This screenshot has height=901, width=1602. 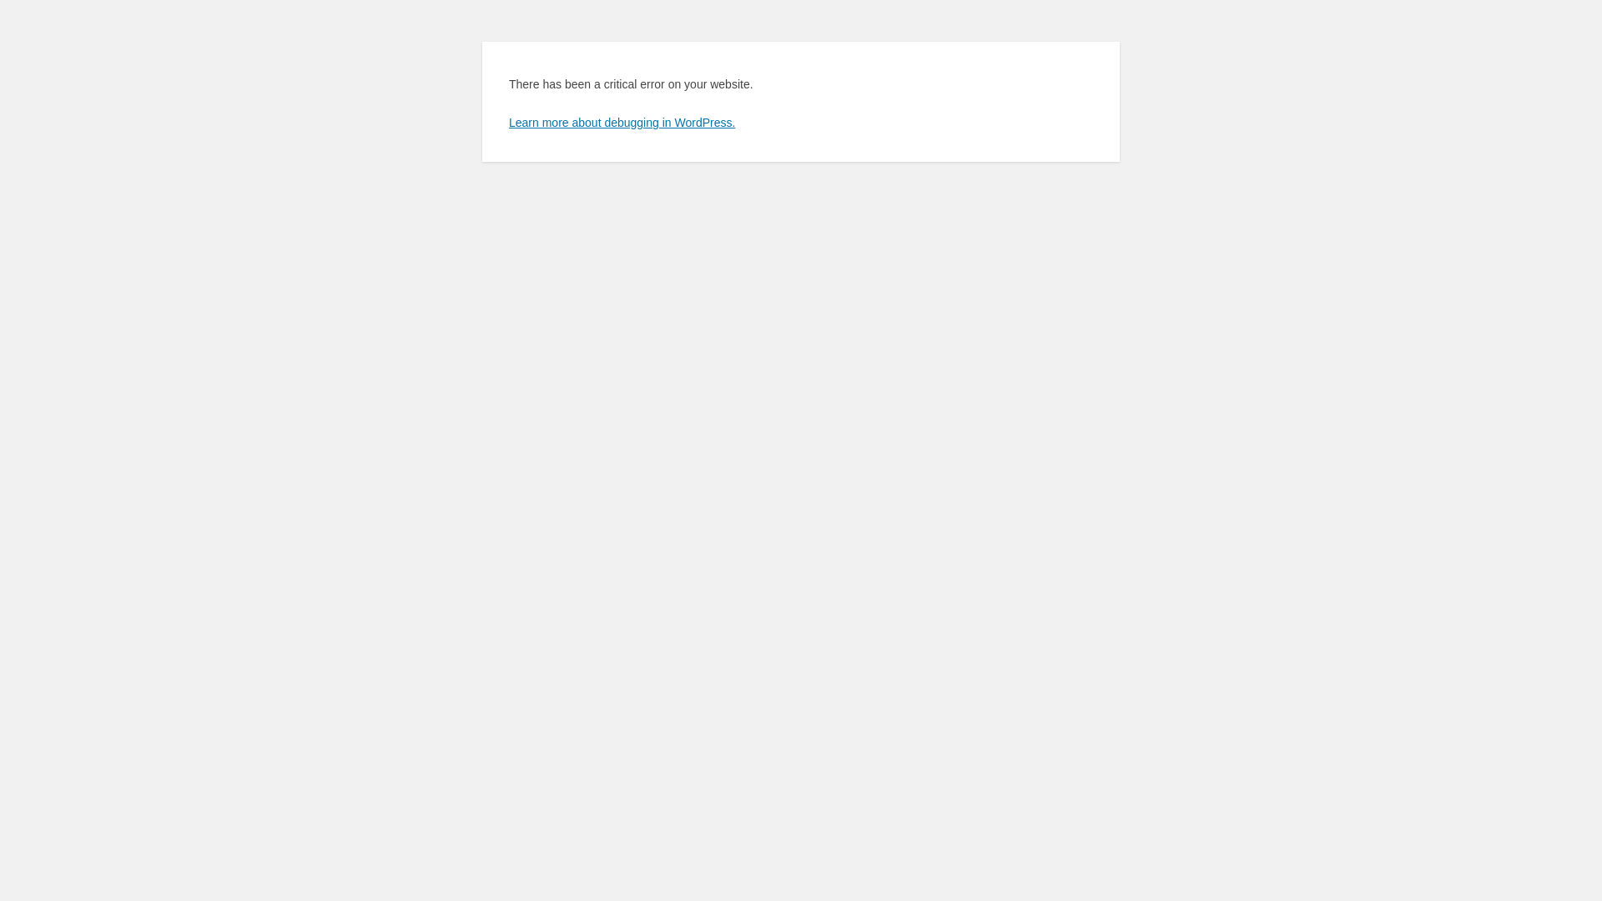 What do you see at coordinates (621, 121) in the screenshot?
I see `'Learn more about debugging in WordPress.'` at bounding box center [621, 121].